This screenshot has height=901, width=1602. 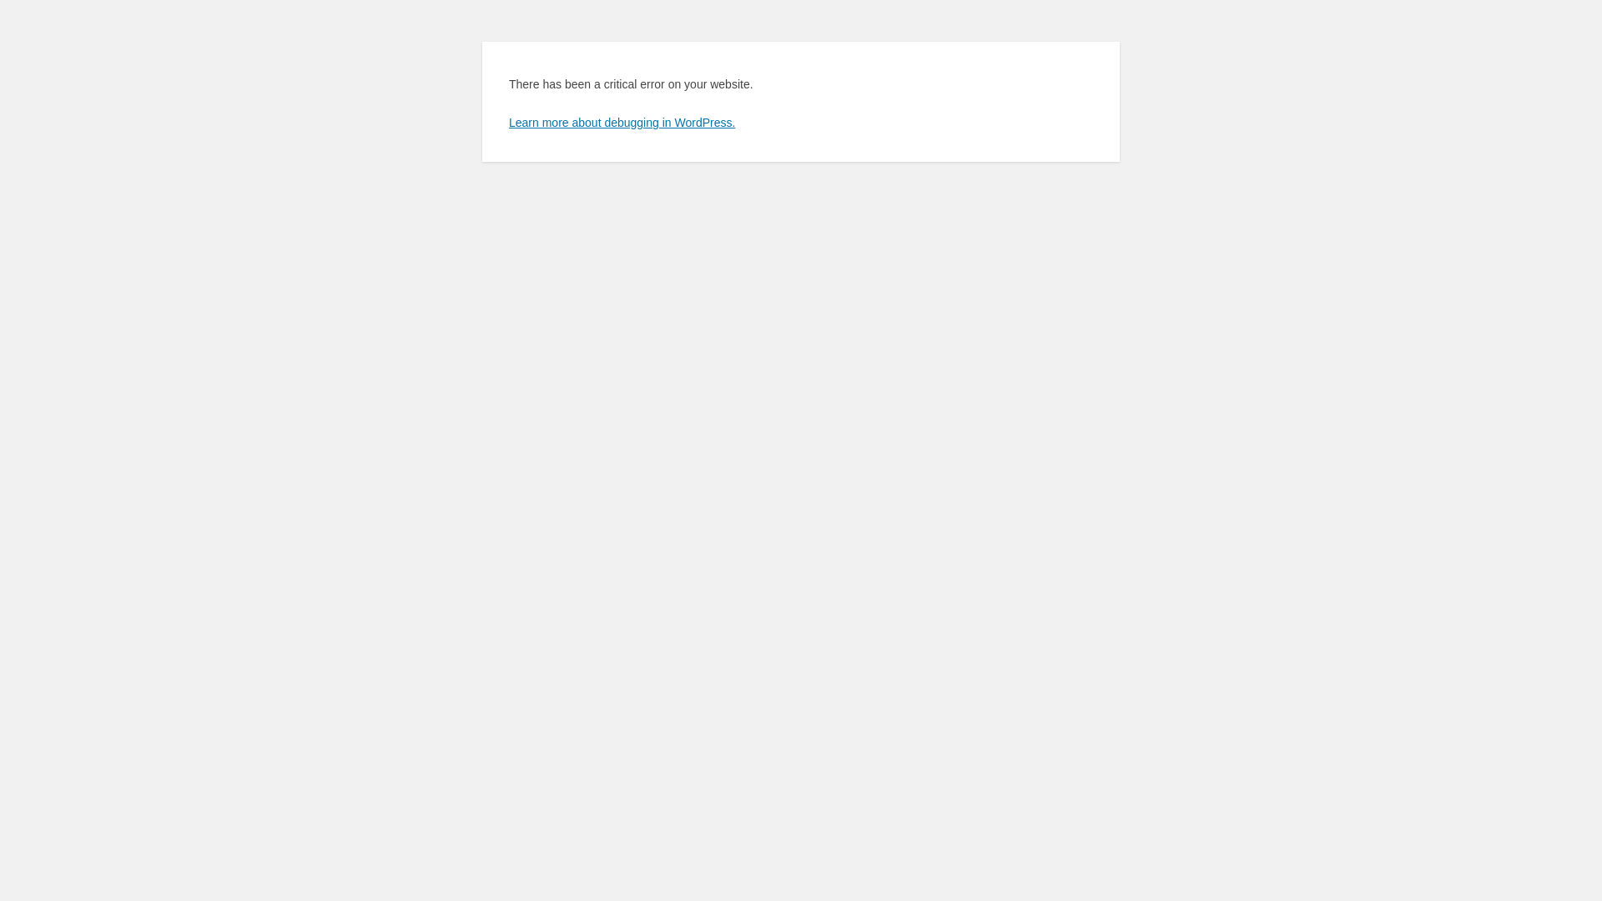 What do you see at coordinates (621, 121) in the screenshot?
I see `'Learn more about debugging in WordPress.'` at bounding box center [621, 121].